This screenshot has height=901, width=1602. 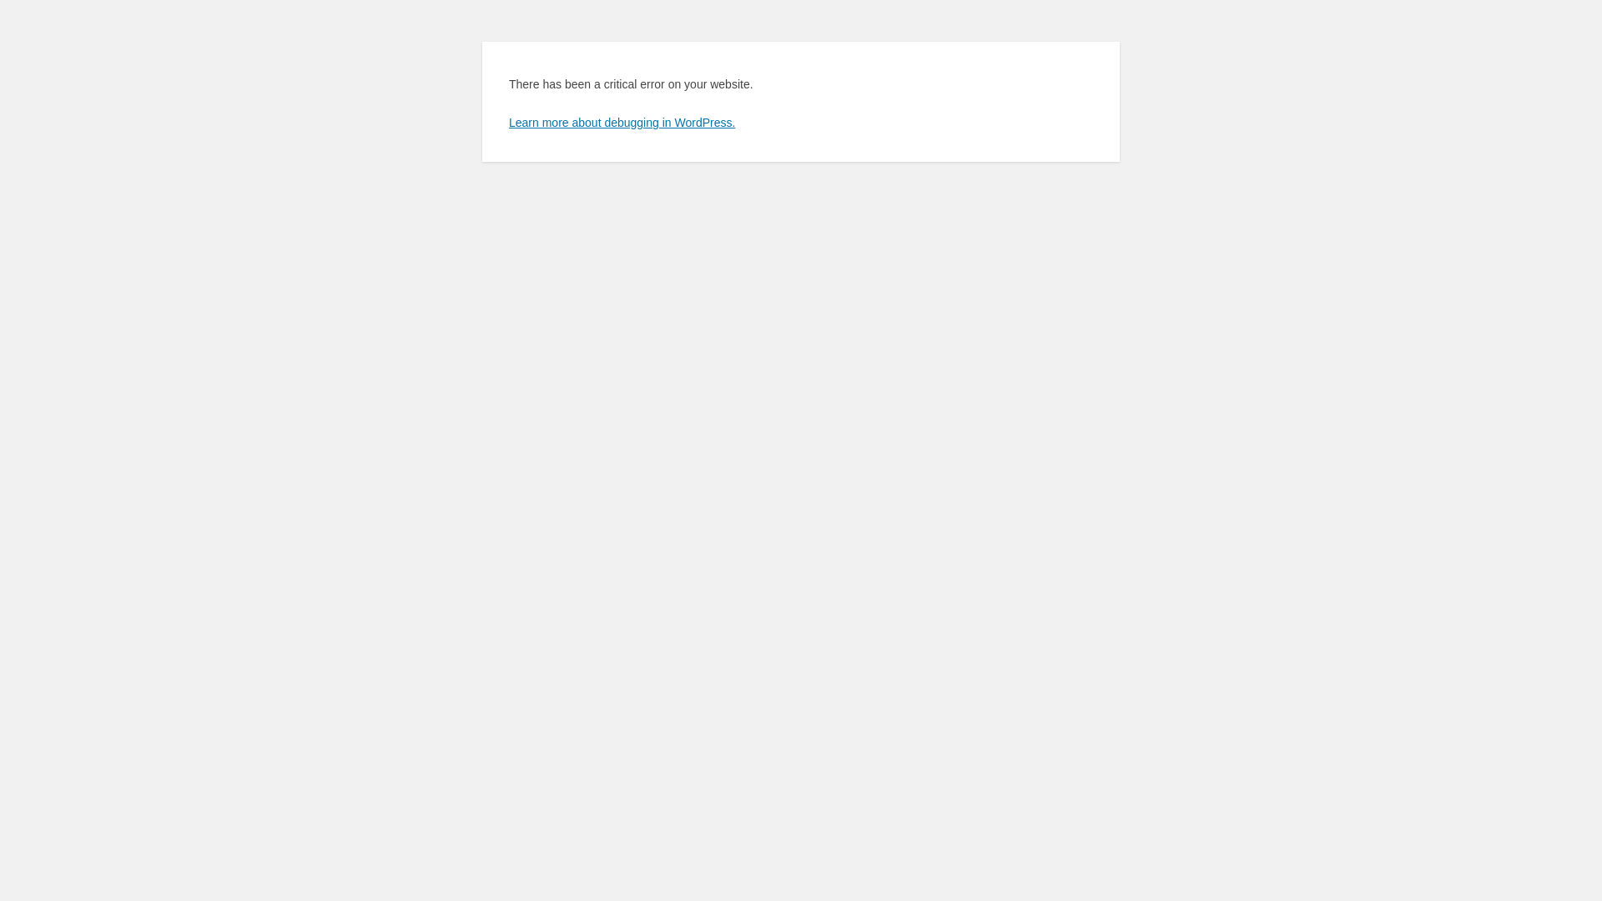 What do you see at coordinates (621, 121) in the screenshot?
I see `'Learn more about debugging in WordPress.'` at bounding box center [621, 121].